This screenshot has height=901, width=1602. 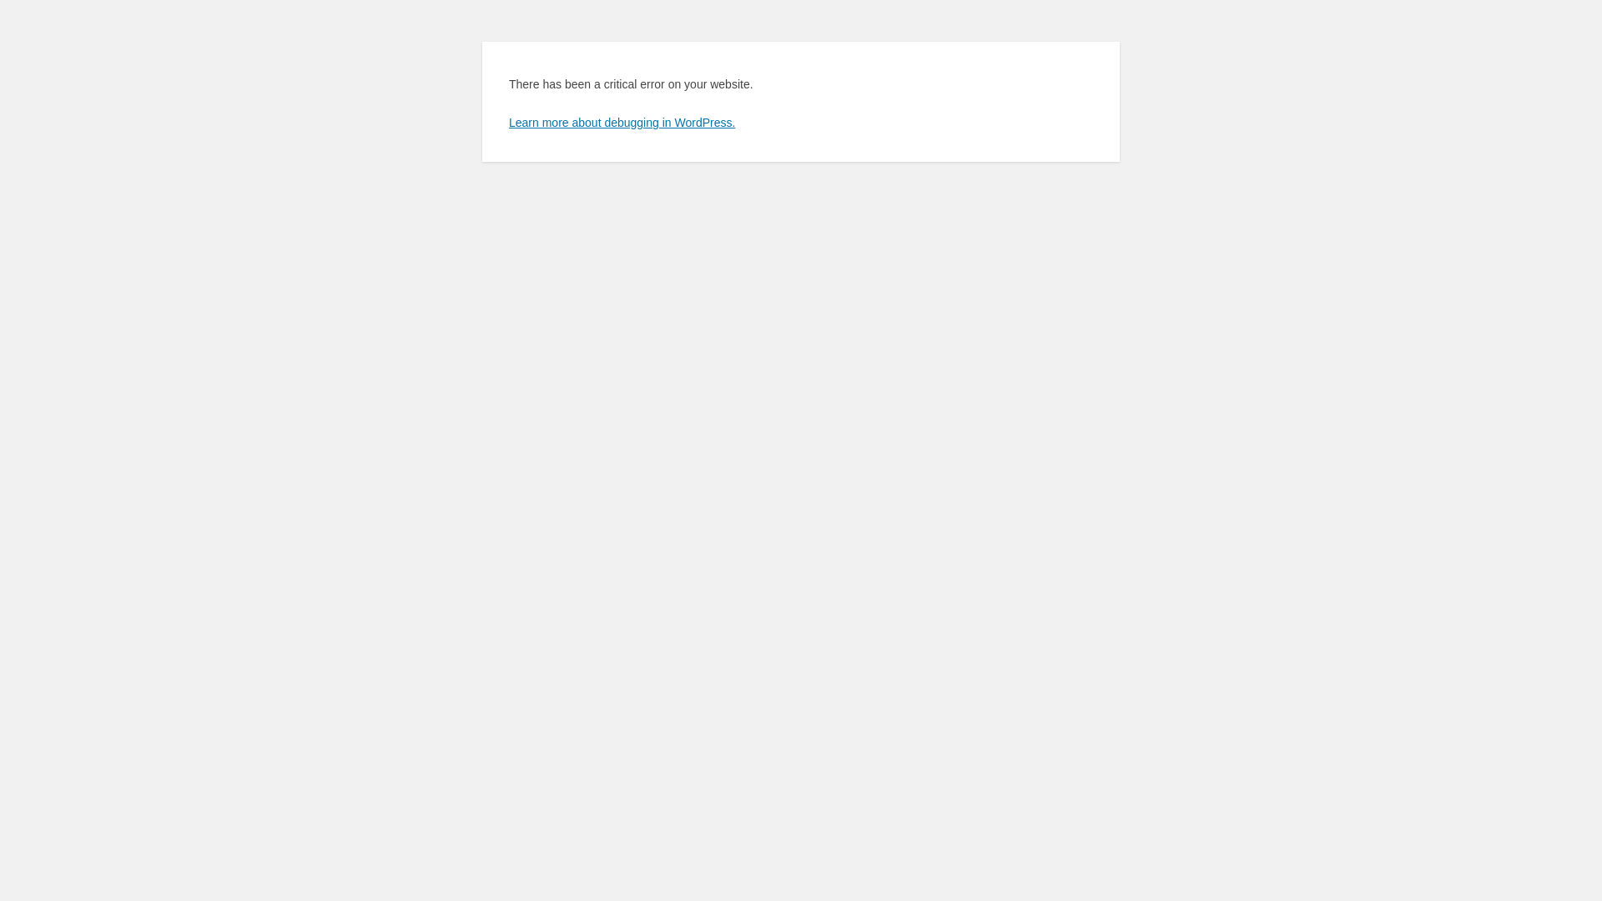 What do you see at coordinates (621, 121) in the screenshot?
I see `'Learn more about debugging in WordPress.'` at bounding box center [621, 121].